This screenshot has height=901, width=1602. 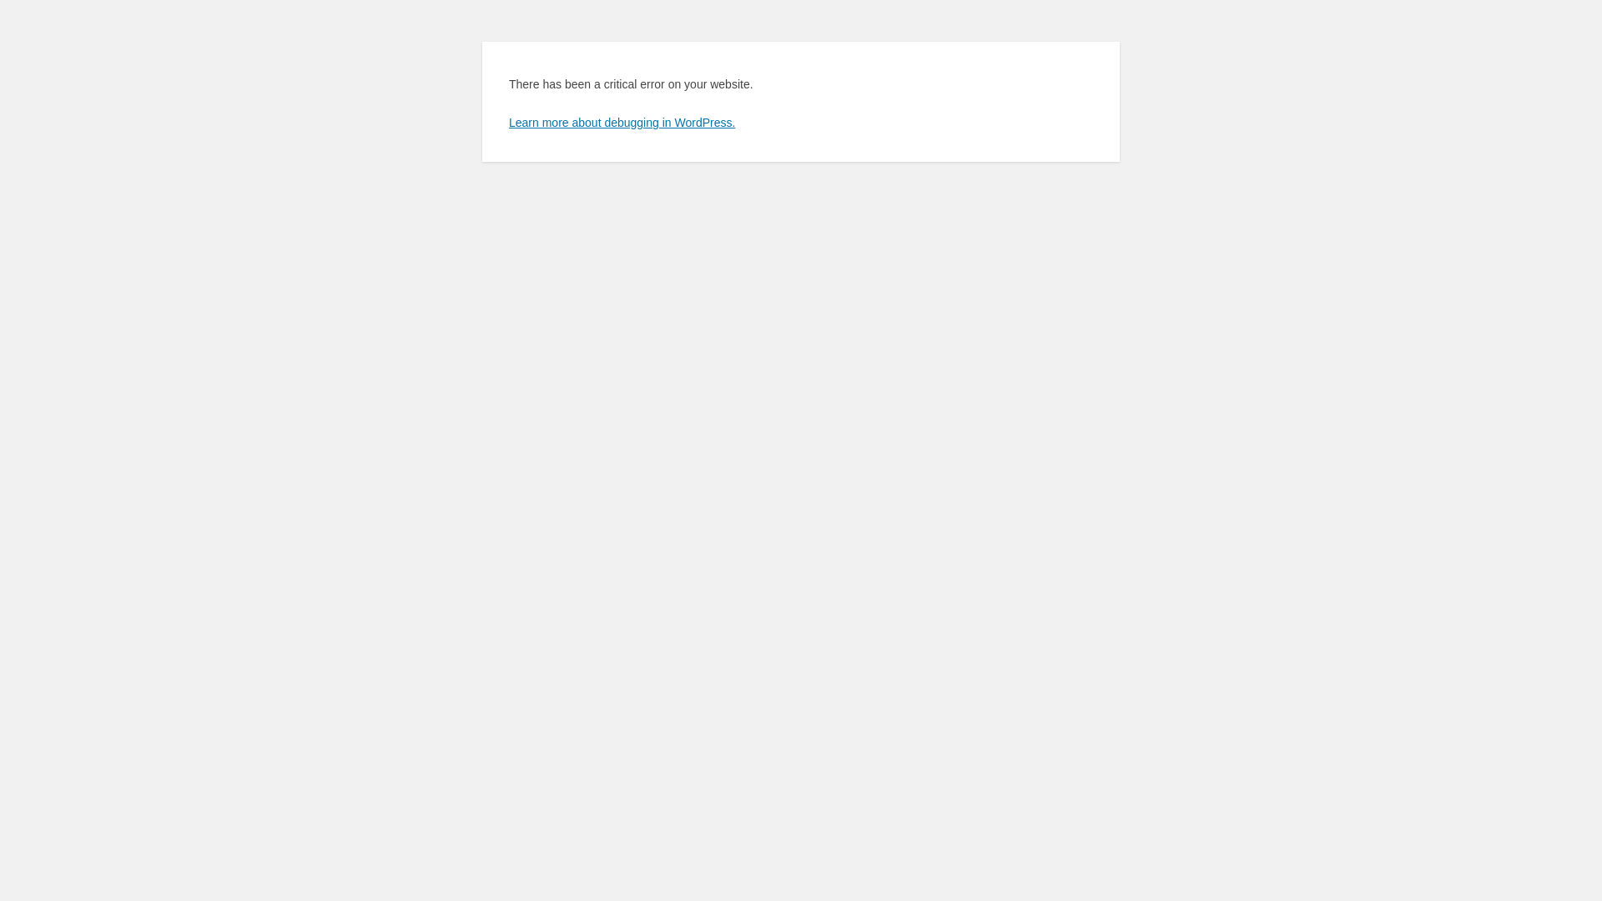 What do you see at coordinates (621, 121) in the screenshot?
I see `'Learn more about debugging in WordPress.'` at bounding box center [621, 121].